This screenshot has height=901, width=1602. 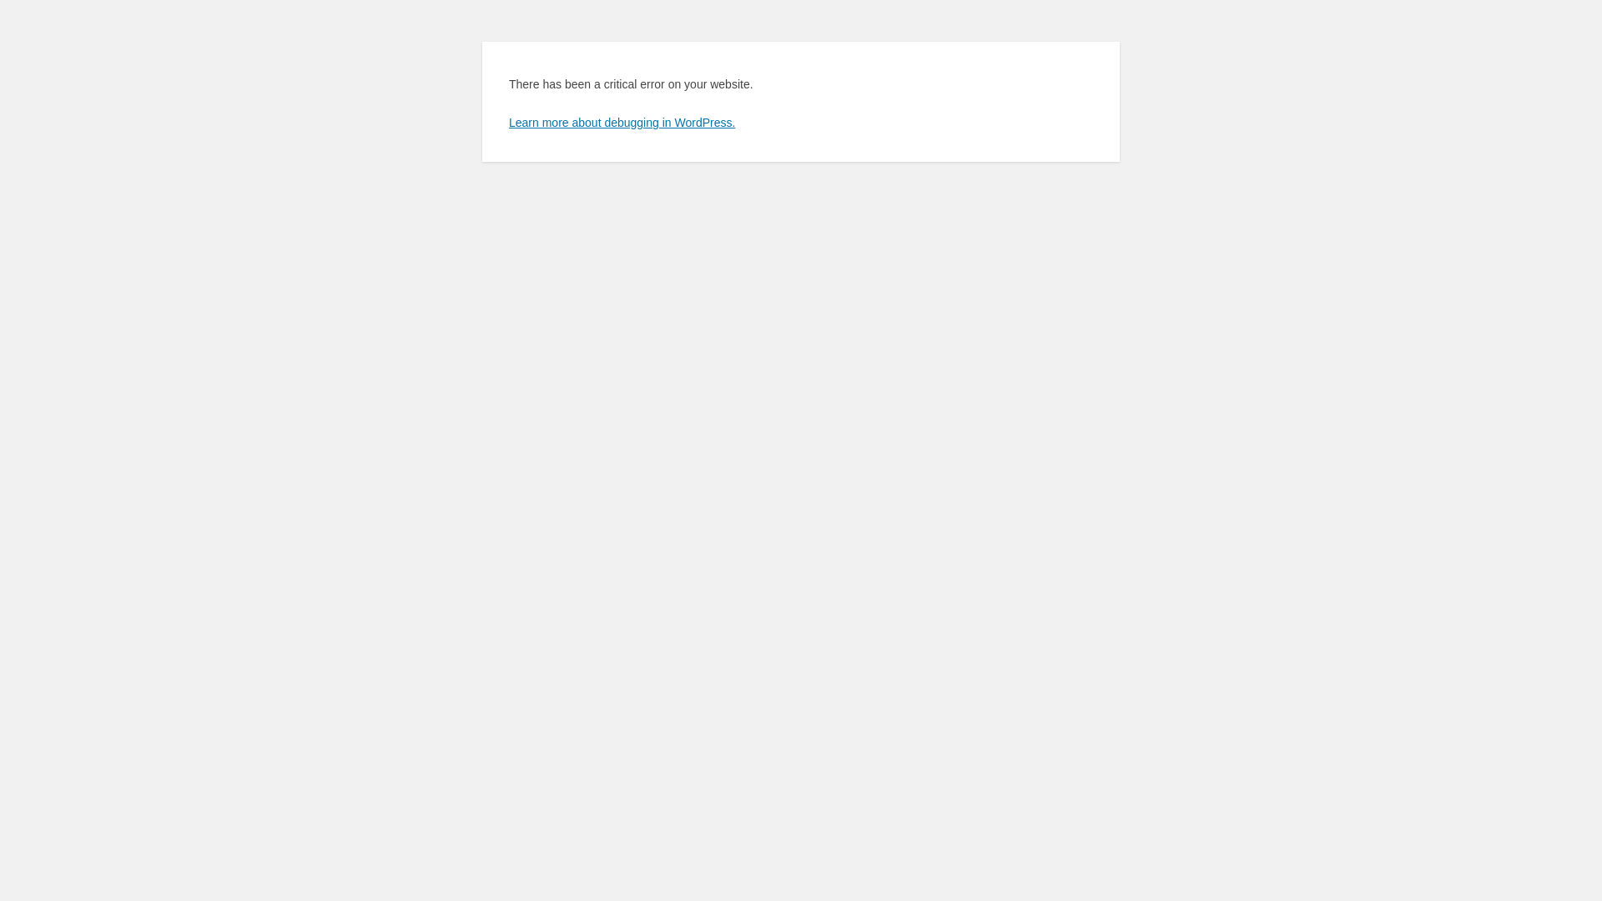 What do you see at coordinates (621, 121) in the screenshot?
I see `'Learn more about debugging in WordPress.'` at bounding box center [621, 121].